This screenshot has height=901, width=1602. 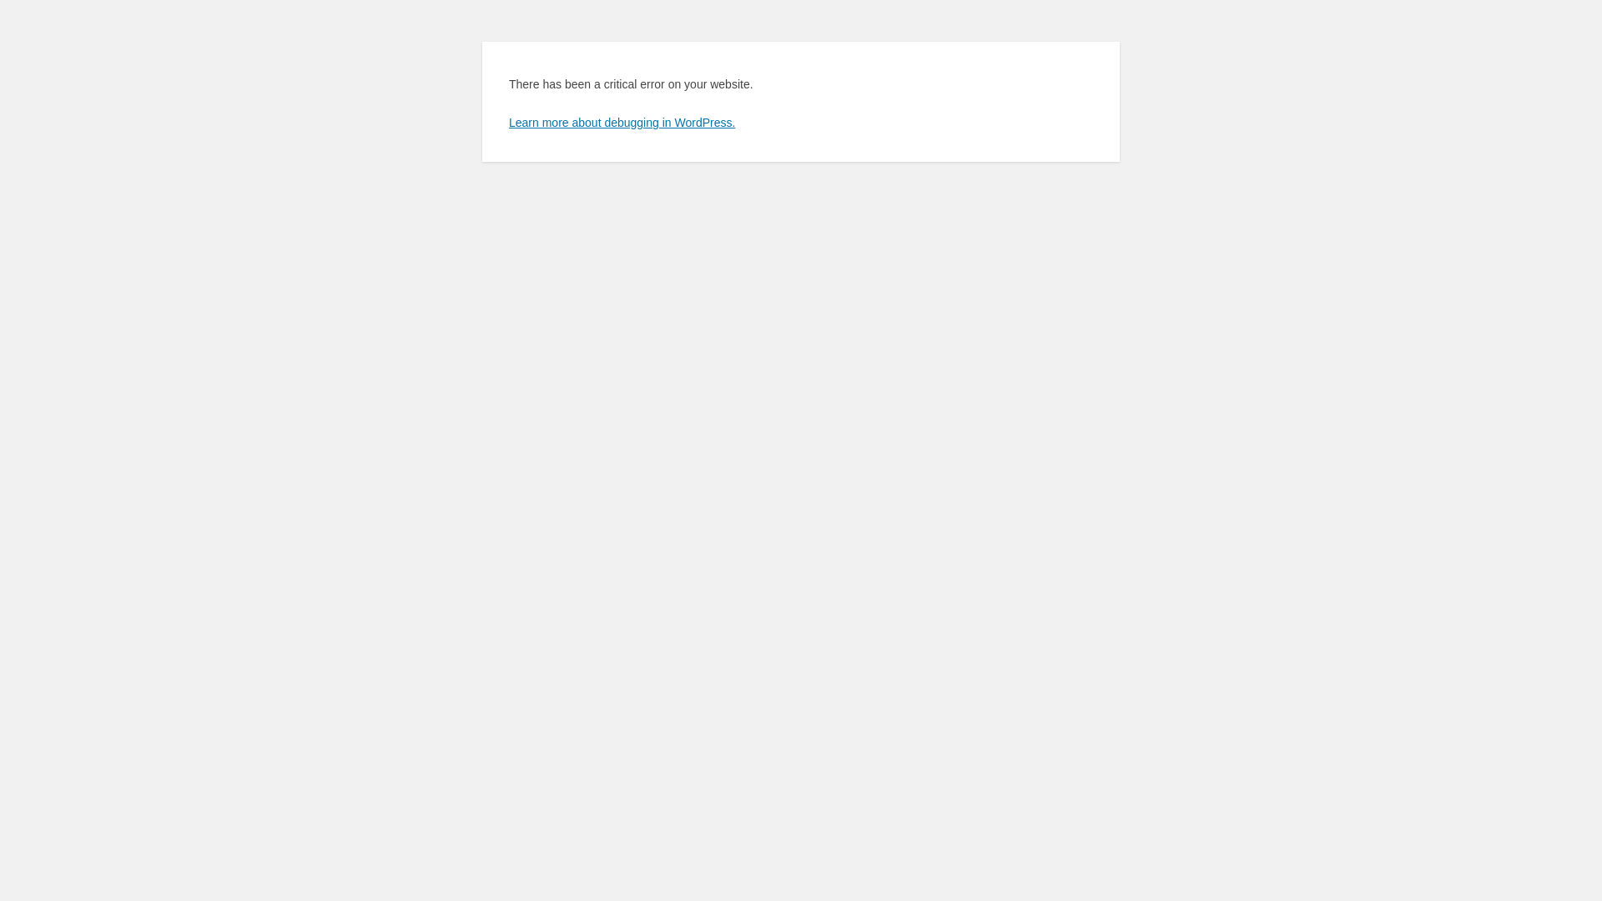 What do you see at coordinates (621, 121) in the screenshot?
I see `'Learn more about debugging in WordPress.'` at bounding box center [621, 121].